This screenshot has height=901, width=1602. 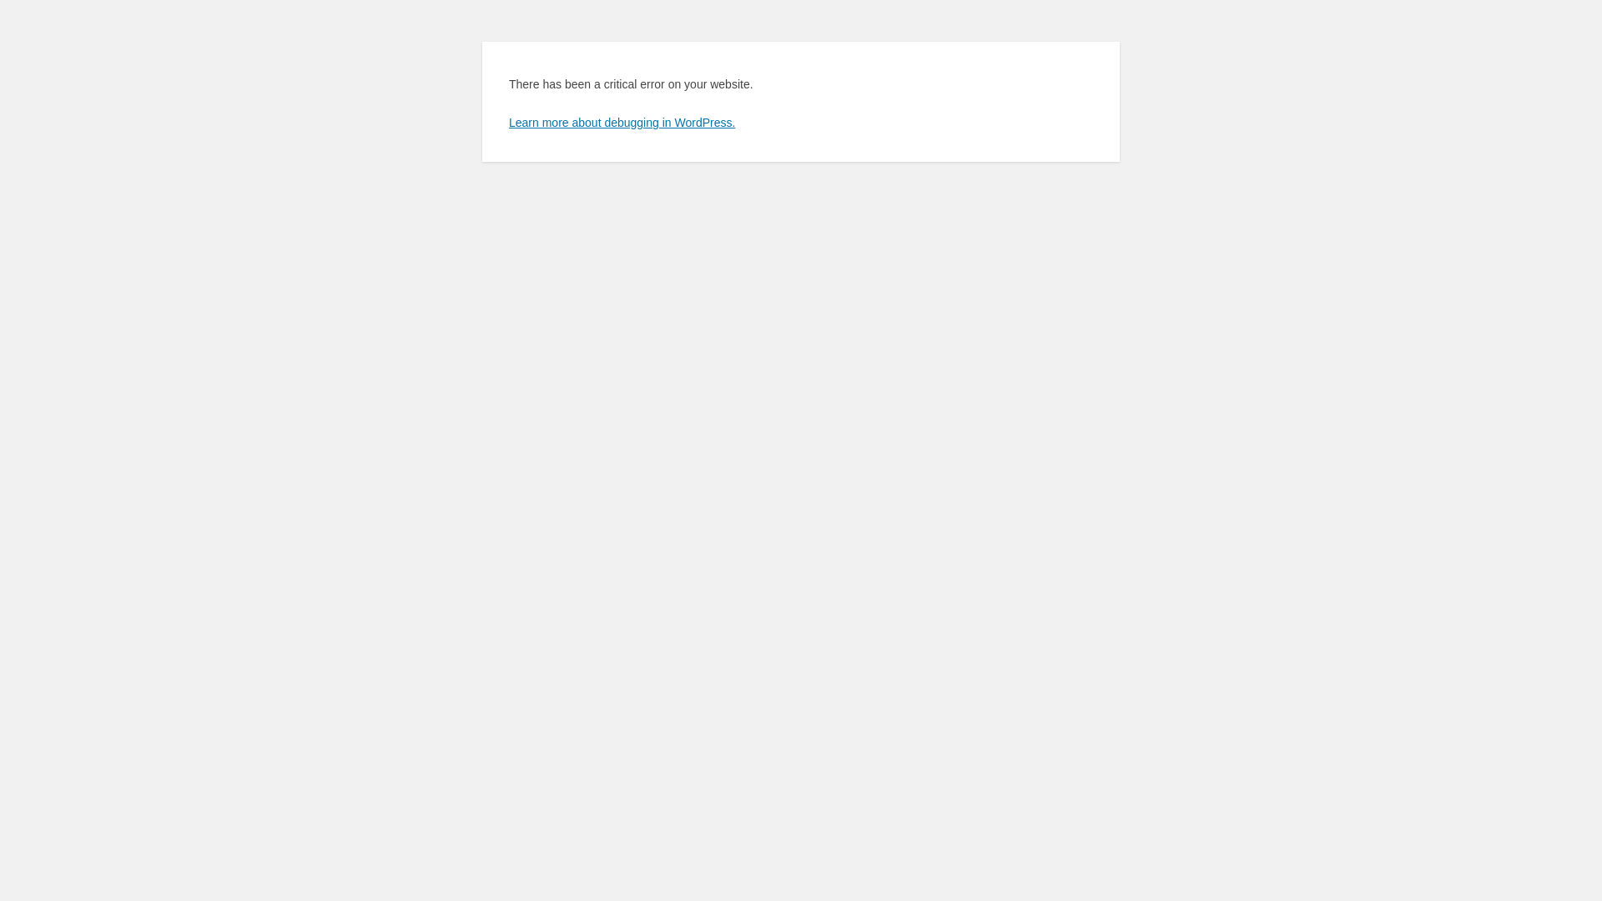 What do you see at coordinates (621, 121) in the screenshot?
I see `'Learn more about debugging in WordPress.'` at bounding box center [621, 121].